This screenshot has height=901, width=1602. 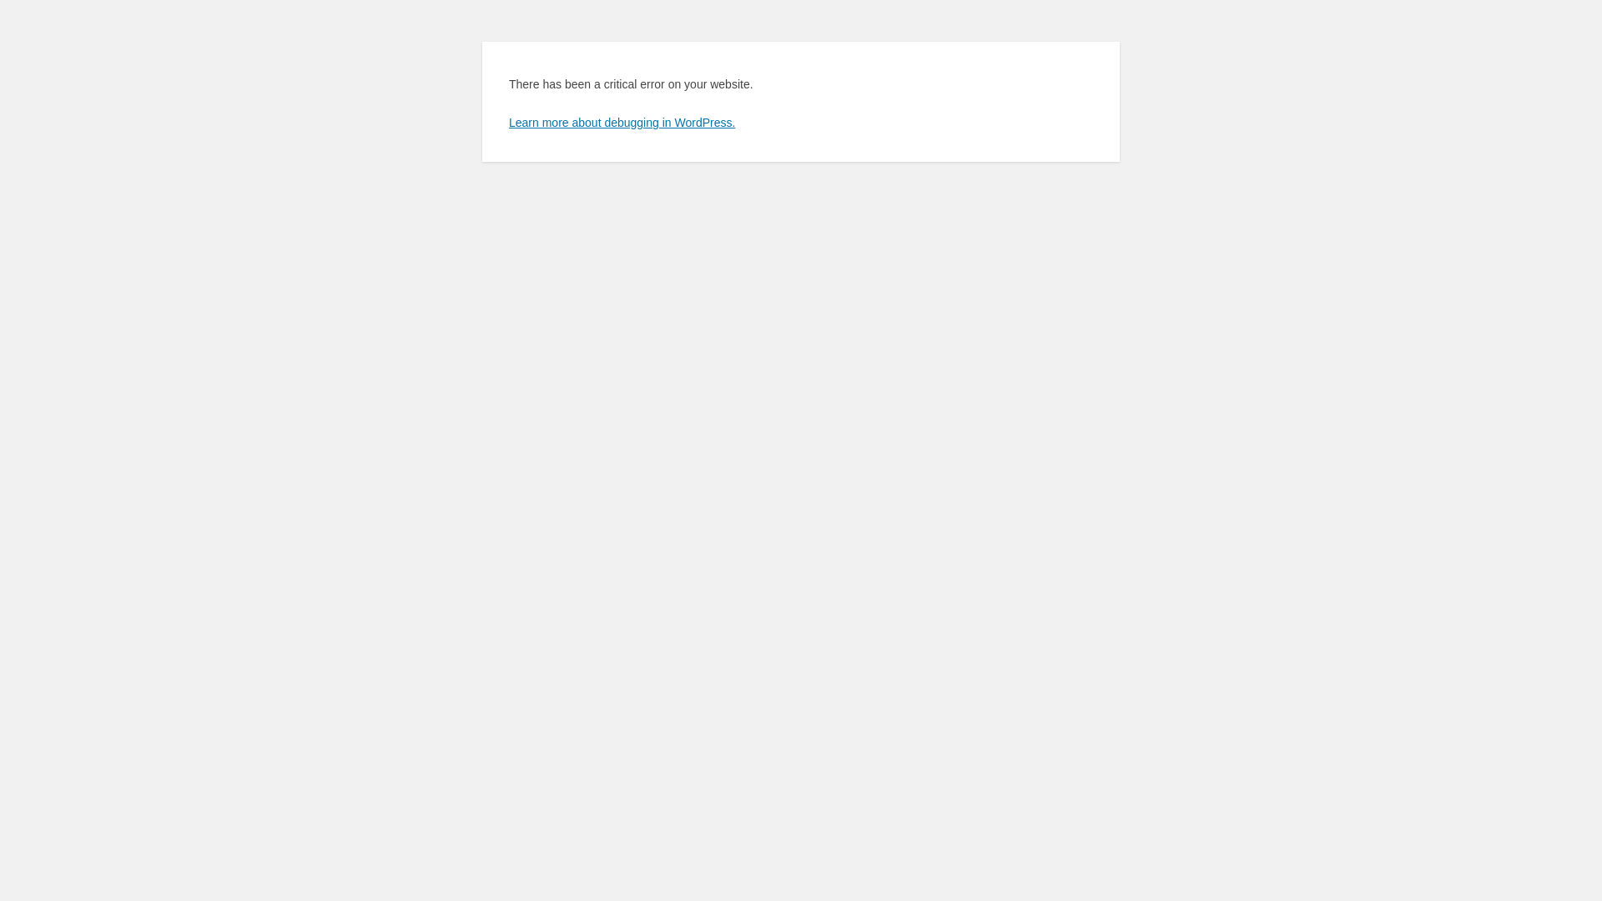 What do you see at coordinates (621, 121) in the screenshot?
I see `'Learn more about debugging in WordPress.'` at bounding box center [621, 121].